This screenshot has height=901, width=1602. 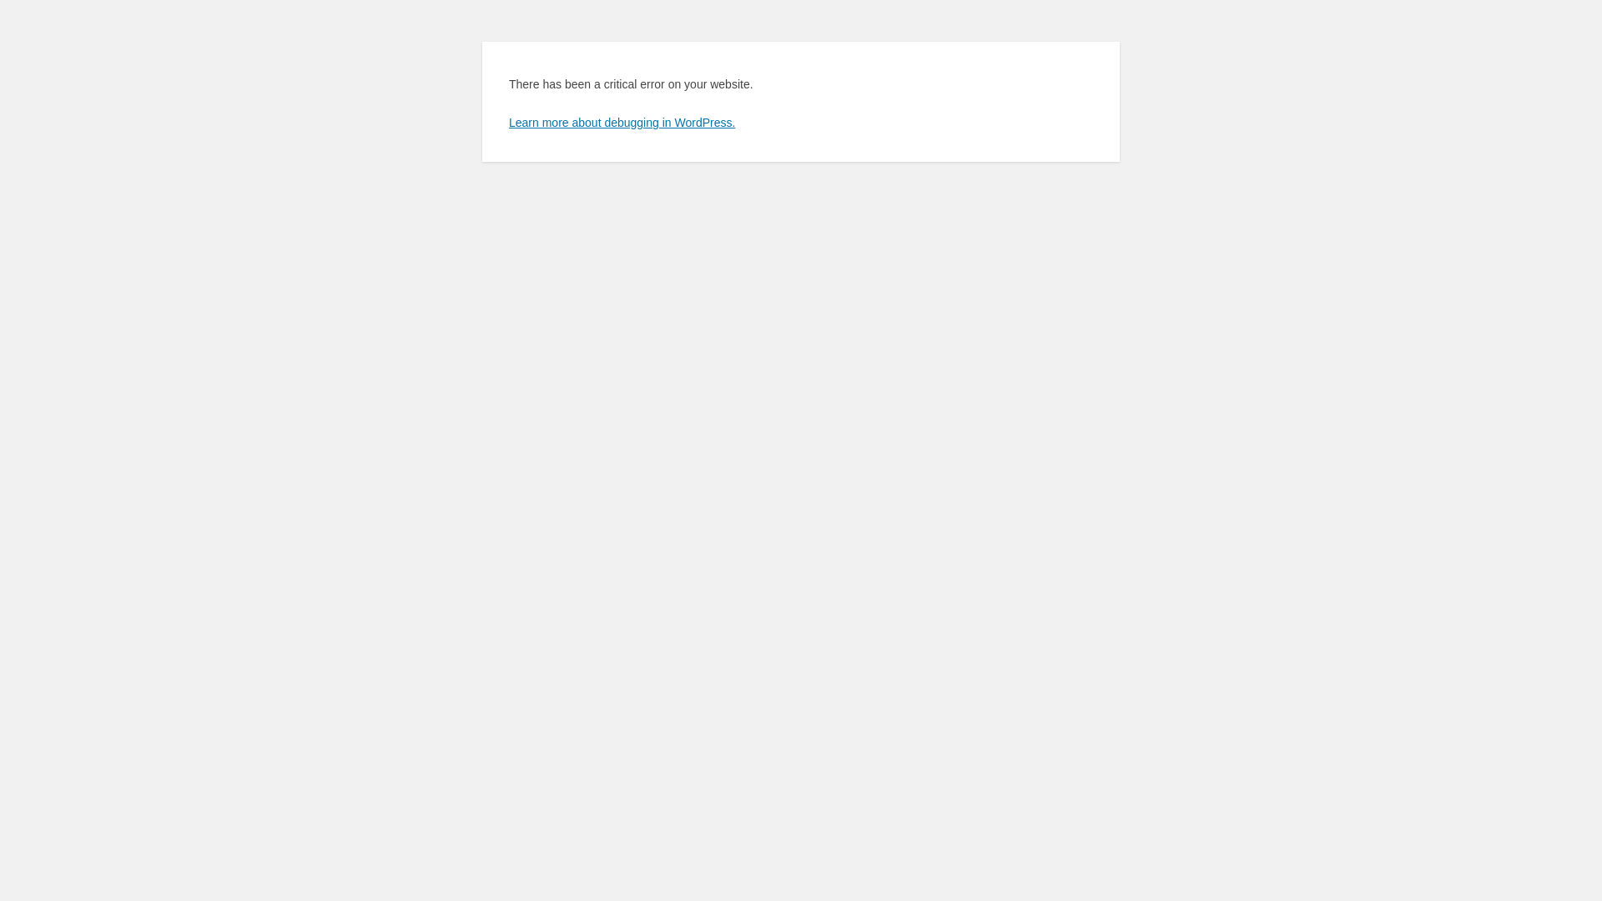 What do you see at coordinates (621, 121) in the screenshot?
I see `'Learn more about debugging in WordPress.'` at bounding box center [621, 121].